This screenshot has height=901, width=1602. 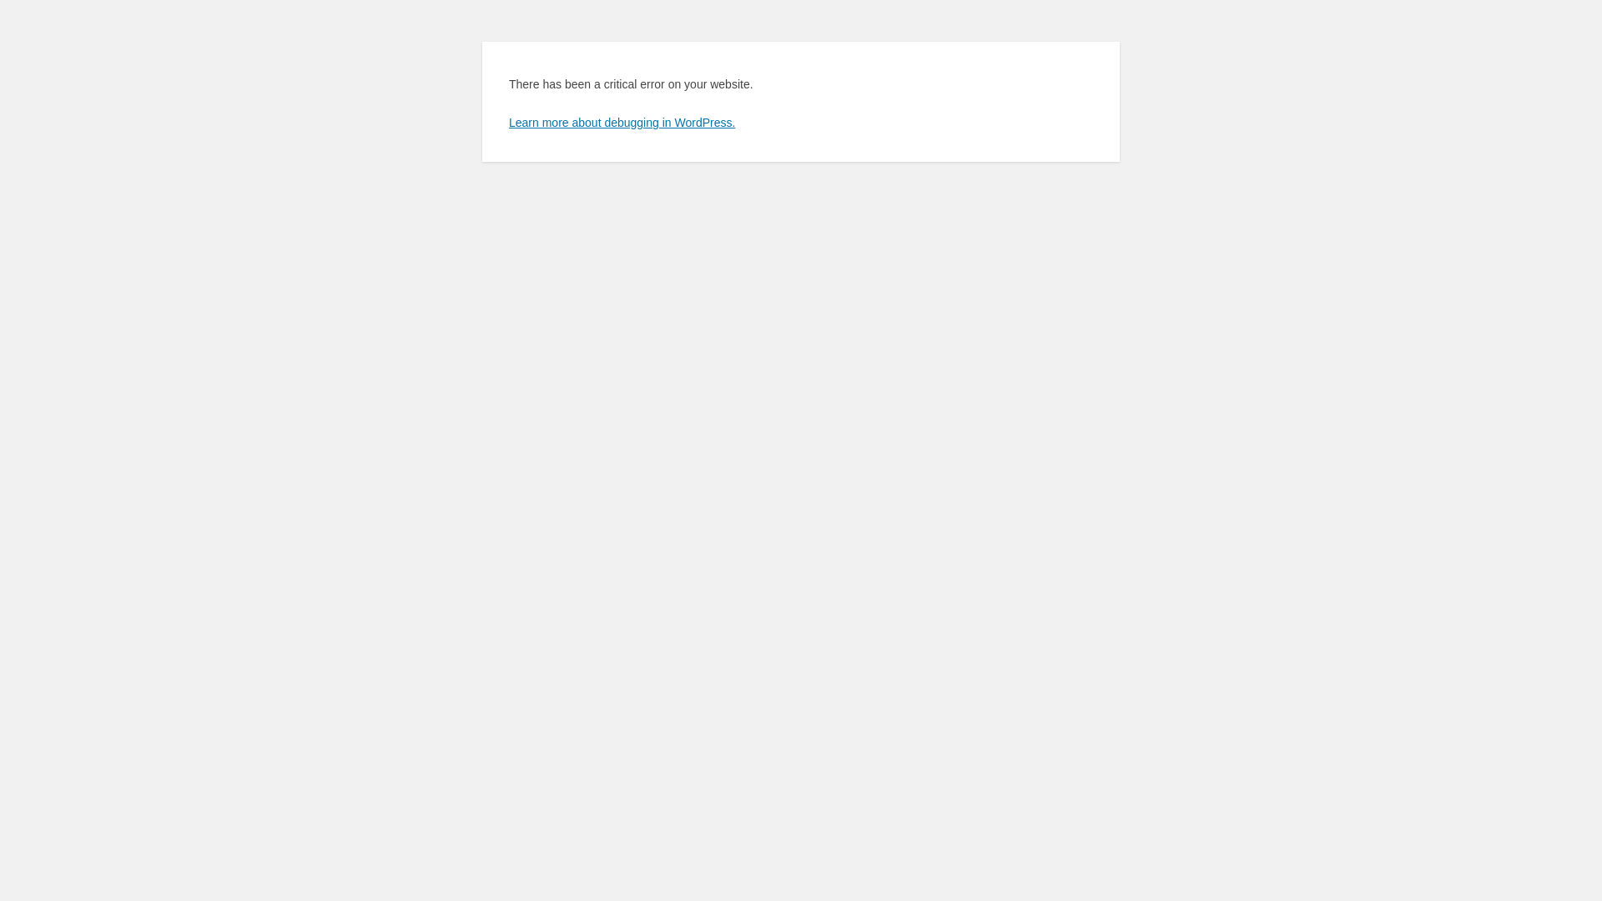 What do you see at coordinates (621, 121) in the screenshot?
I see `'Learn more about debugging in WordPress.'` at bounding box center [621, 121].